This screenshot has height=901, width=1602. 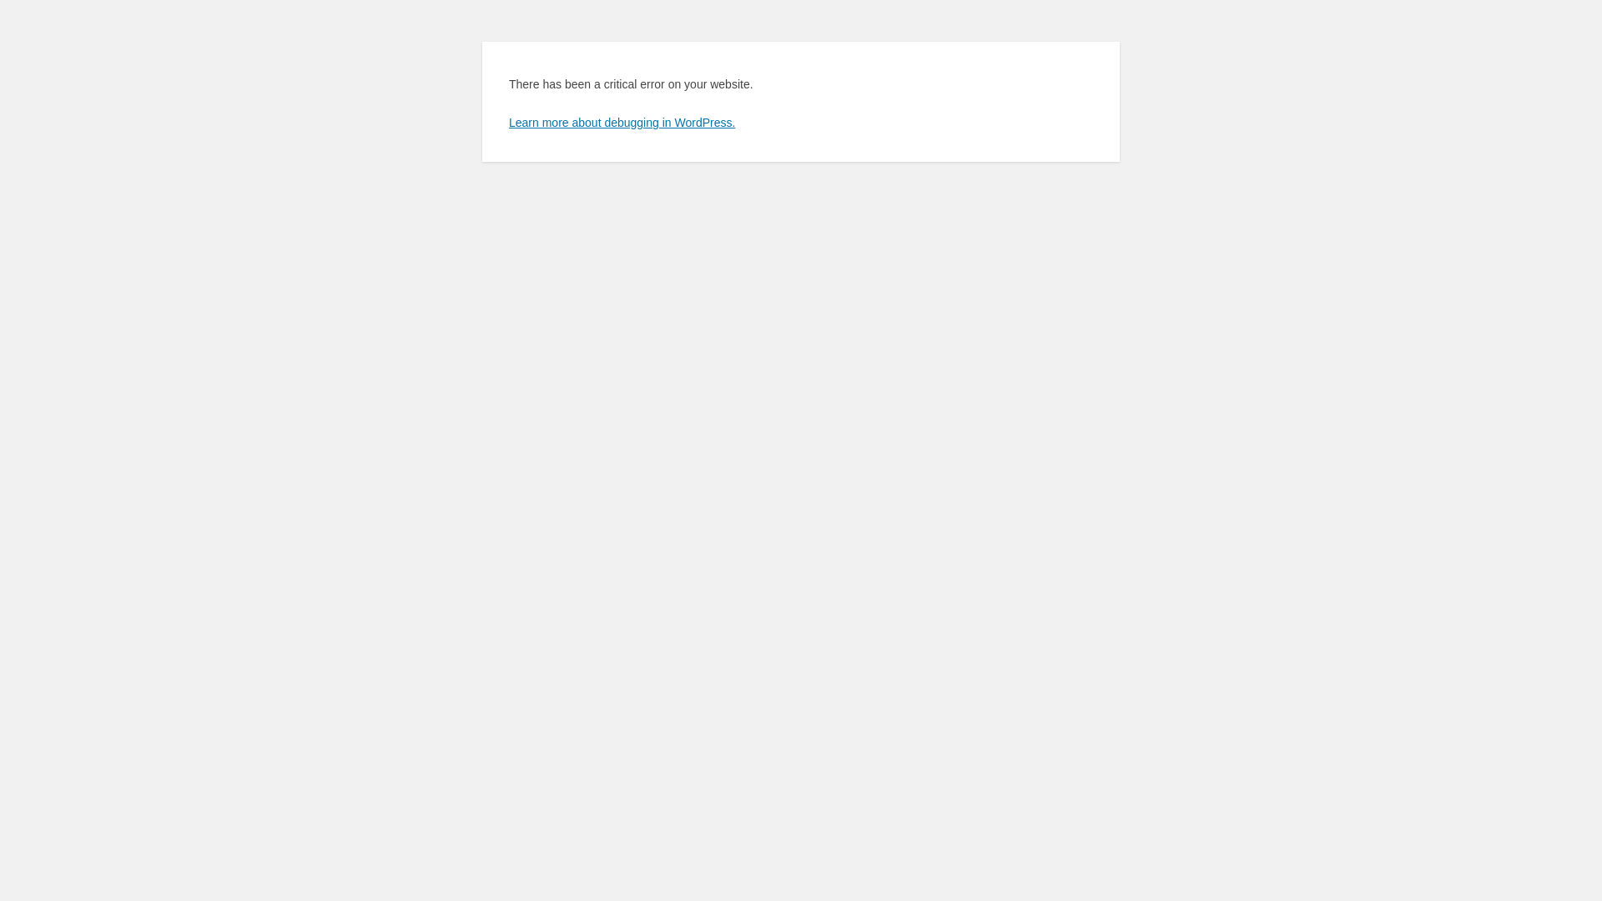 What do you see at coordinates (621, 121) in the screenshot?
I see `'Learn more about debugging in WordPress.'` at bounding box center [621, 121].